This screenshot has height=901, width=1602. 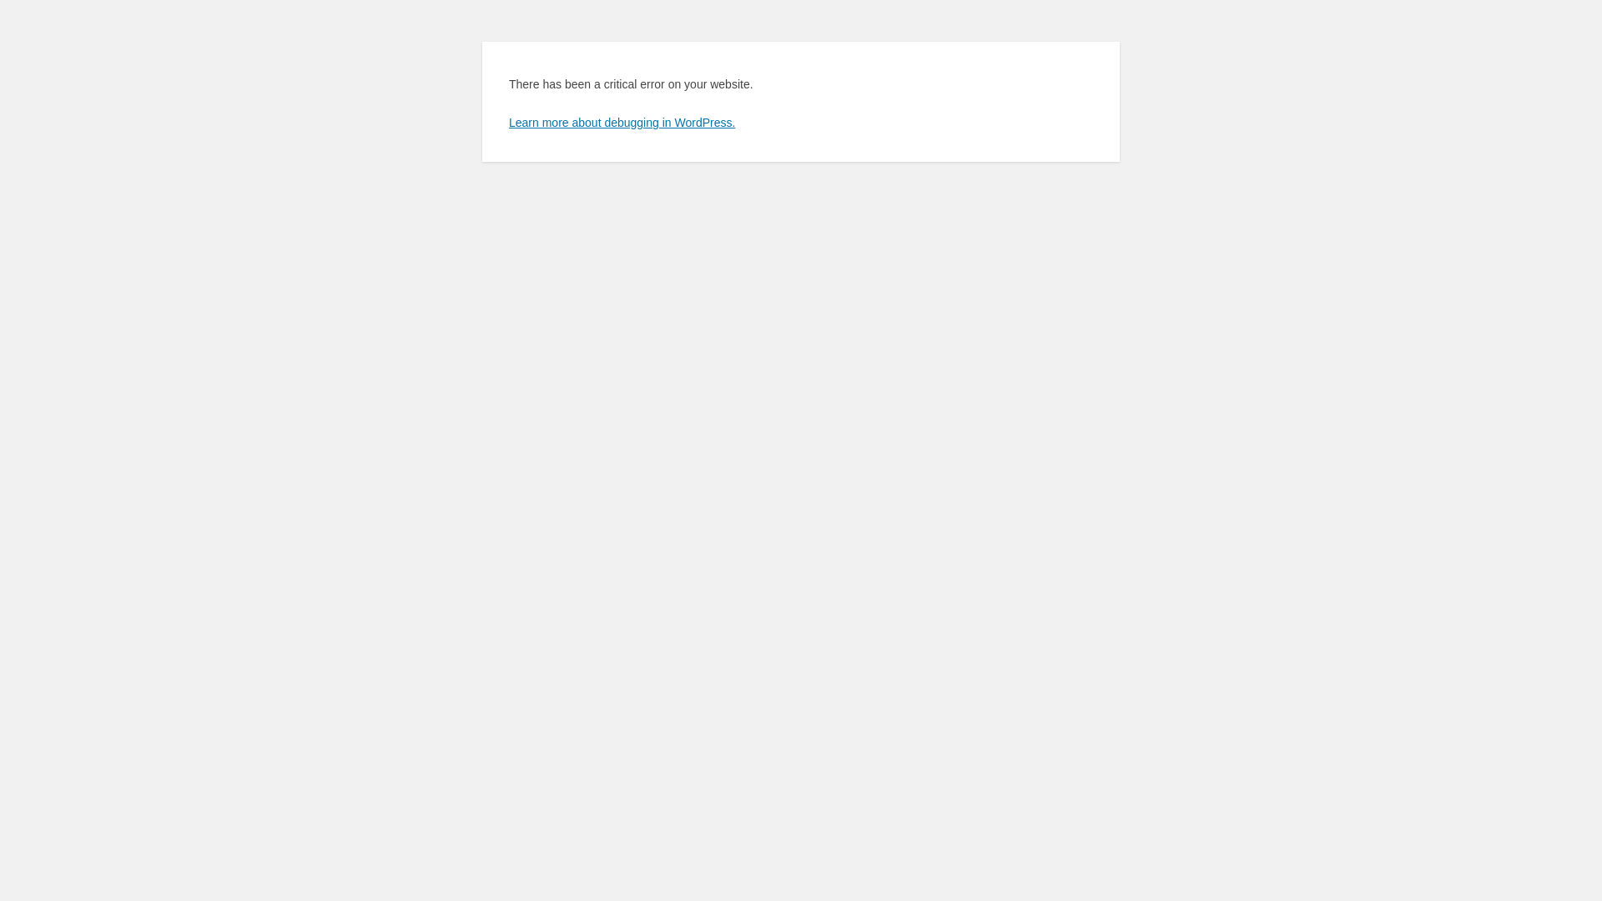 What do you see at coordinates (621, 121) in the screenshot?
I see `'Learn more about debugging in WordPress.'` at bounding box center [621, 121].